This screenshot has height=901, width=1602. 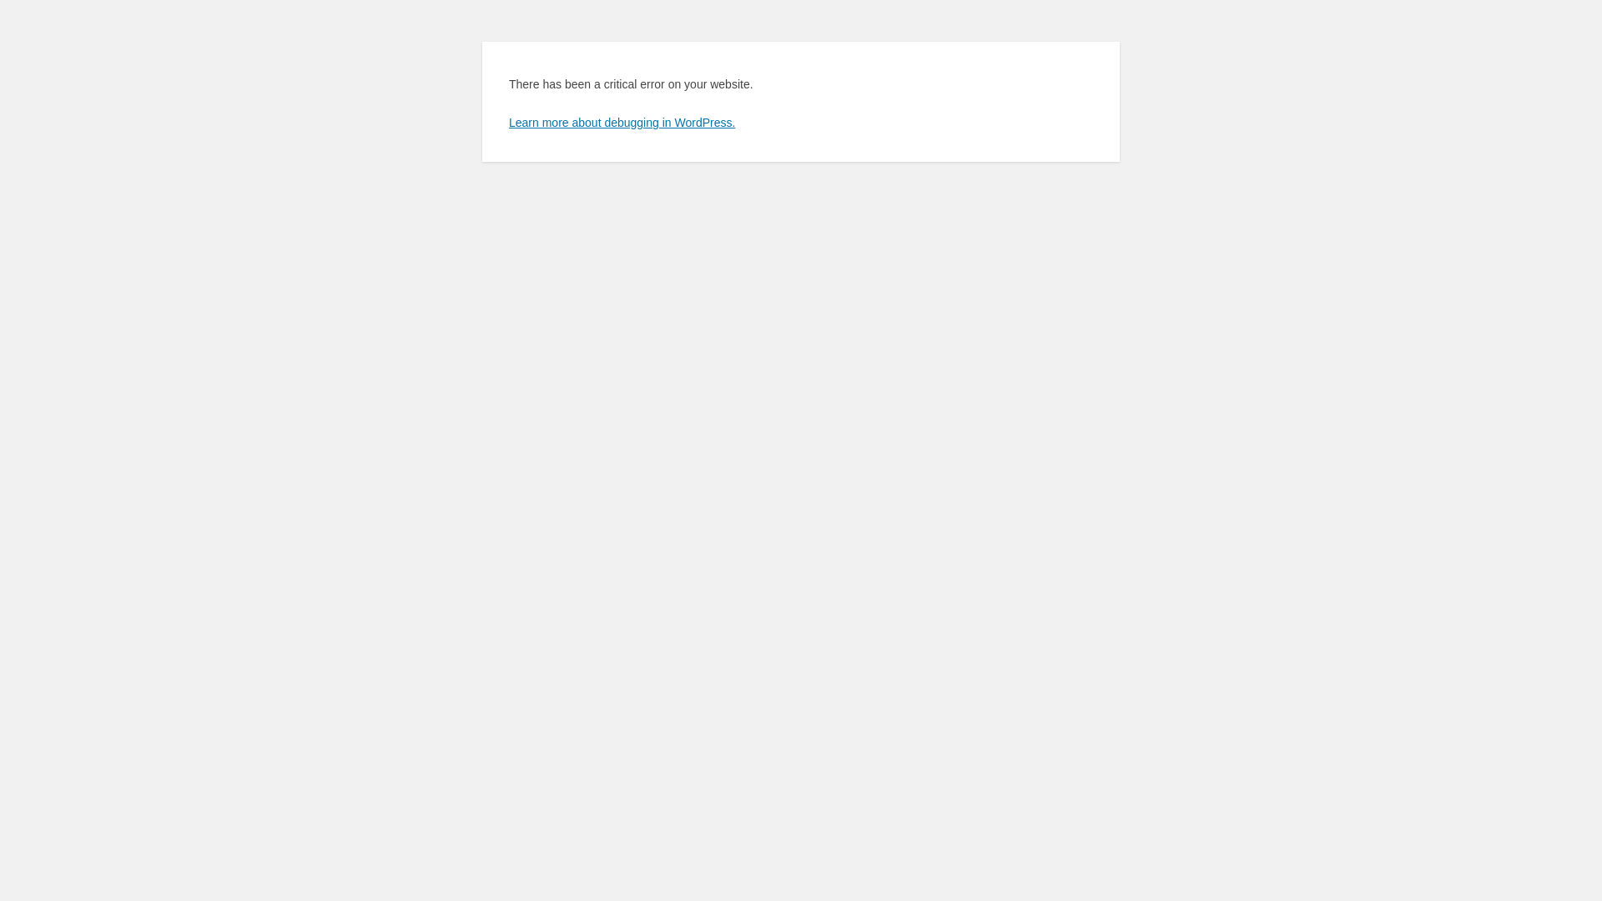 What do you see at coordinates (621, 121) in the screenshot?
I see `'Learn more about debugging in WordPress.'` at bounding box center [621, 121].